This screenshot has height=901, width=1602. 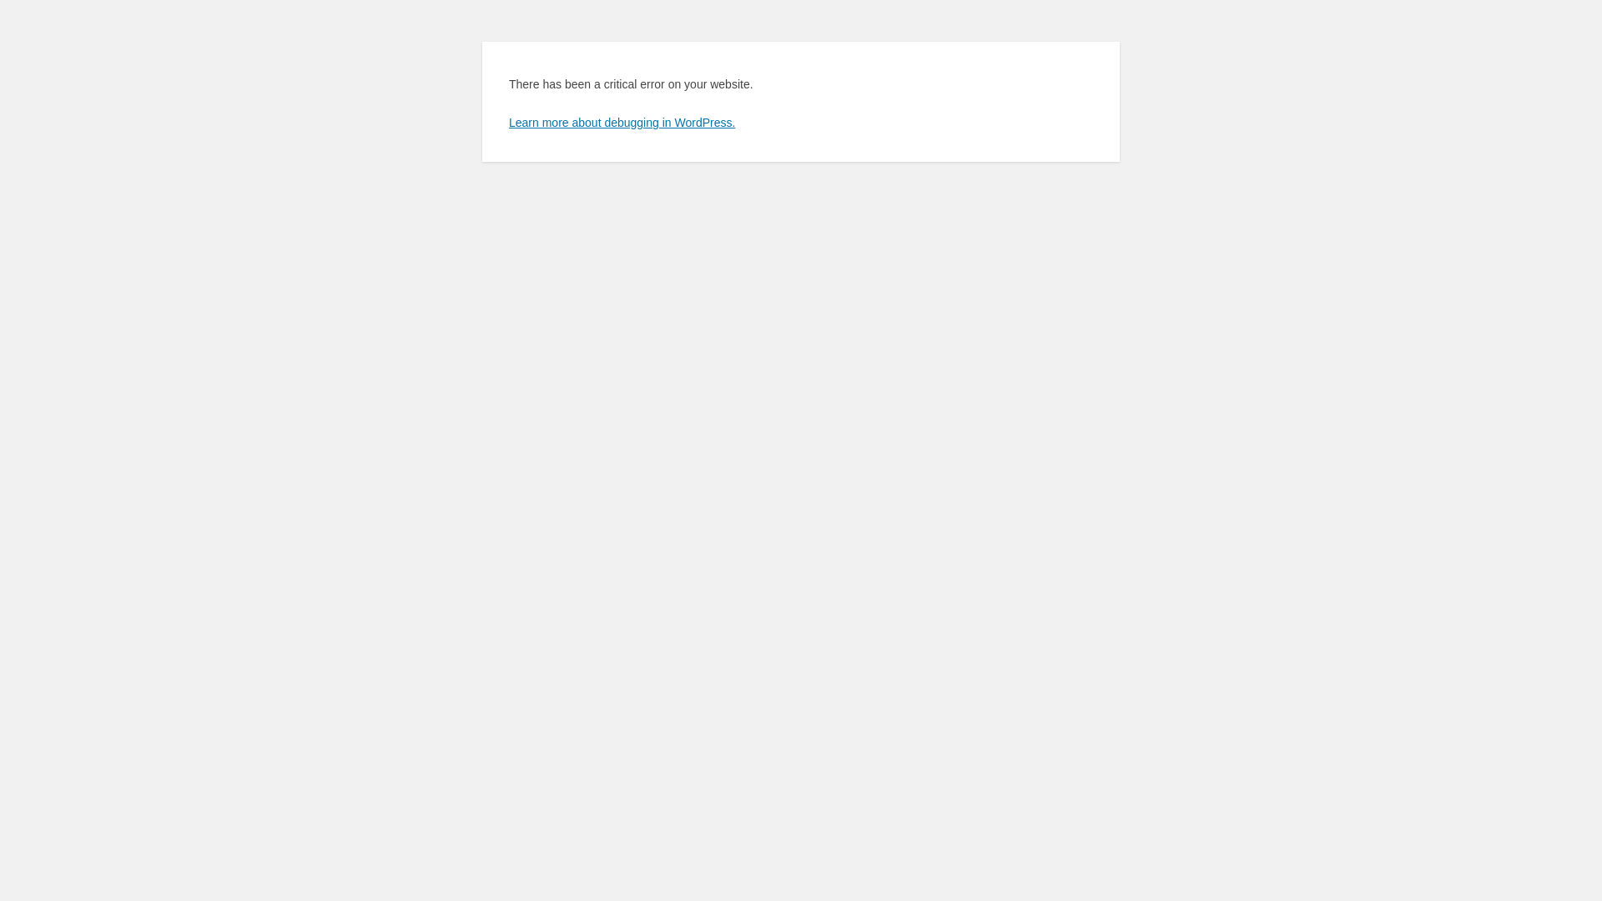 What do you see at coordinates (621, 121) in the screenshot?
I see `'Learn more about debugging in WordPress.'` at bounding box center [621, 121].